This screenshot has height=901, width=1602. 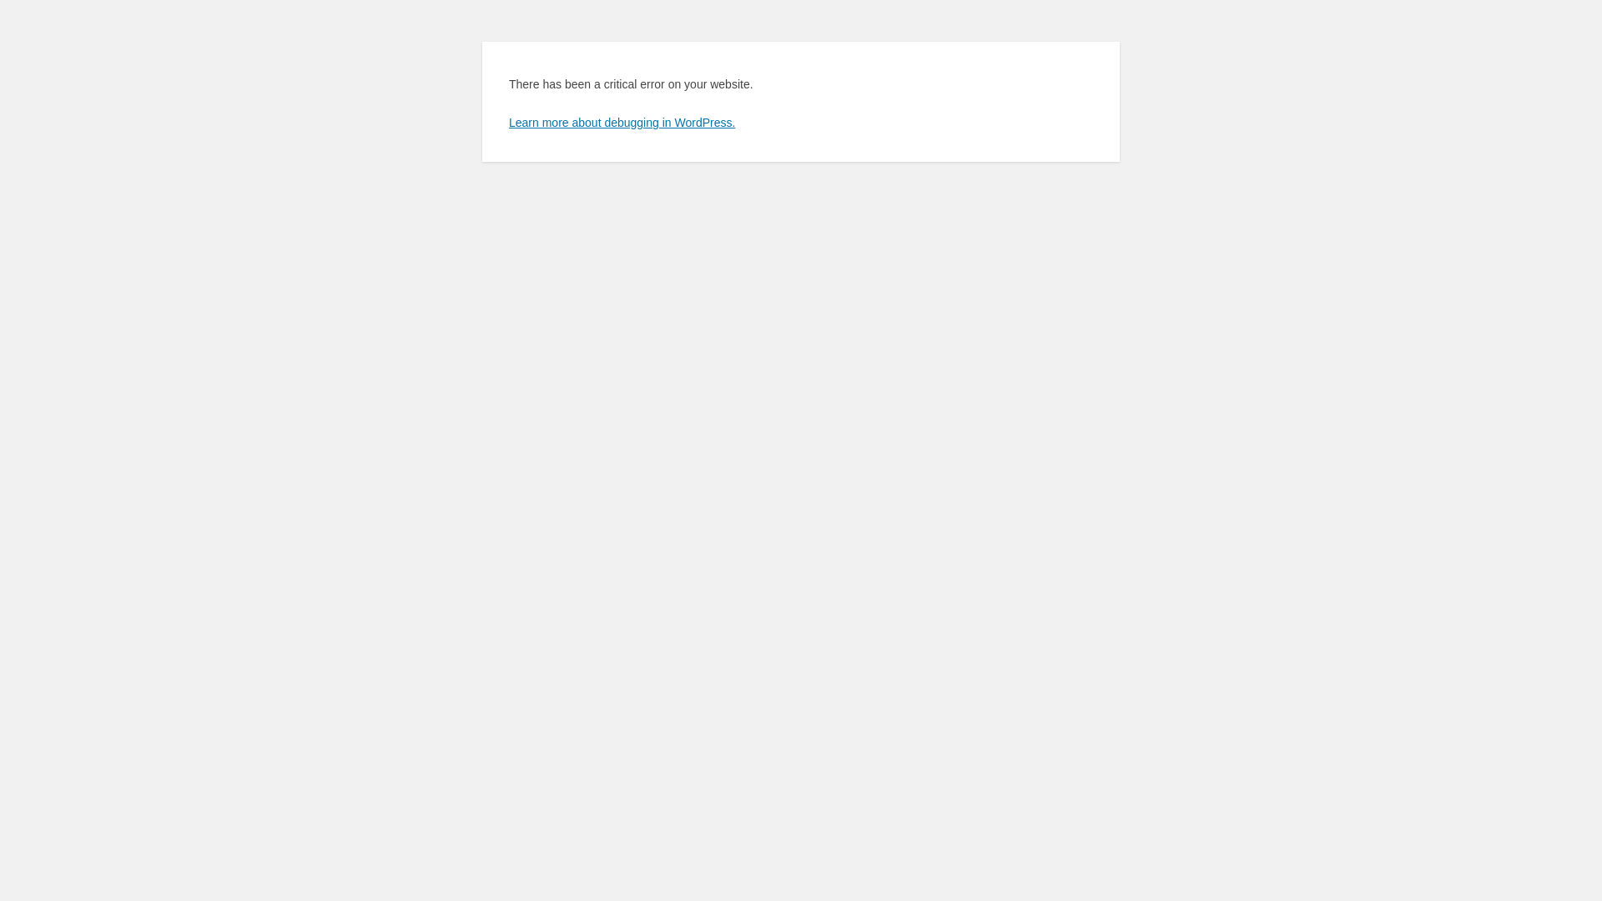 What do you see at coordinates (621, 121) in the screenshot?
I see `'Learn more about debugging in WordPress.'` at bounding box center [621, 121].